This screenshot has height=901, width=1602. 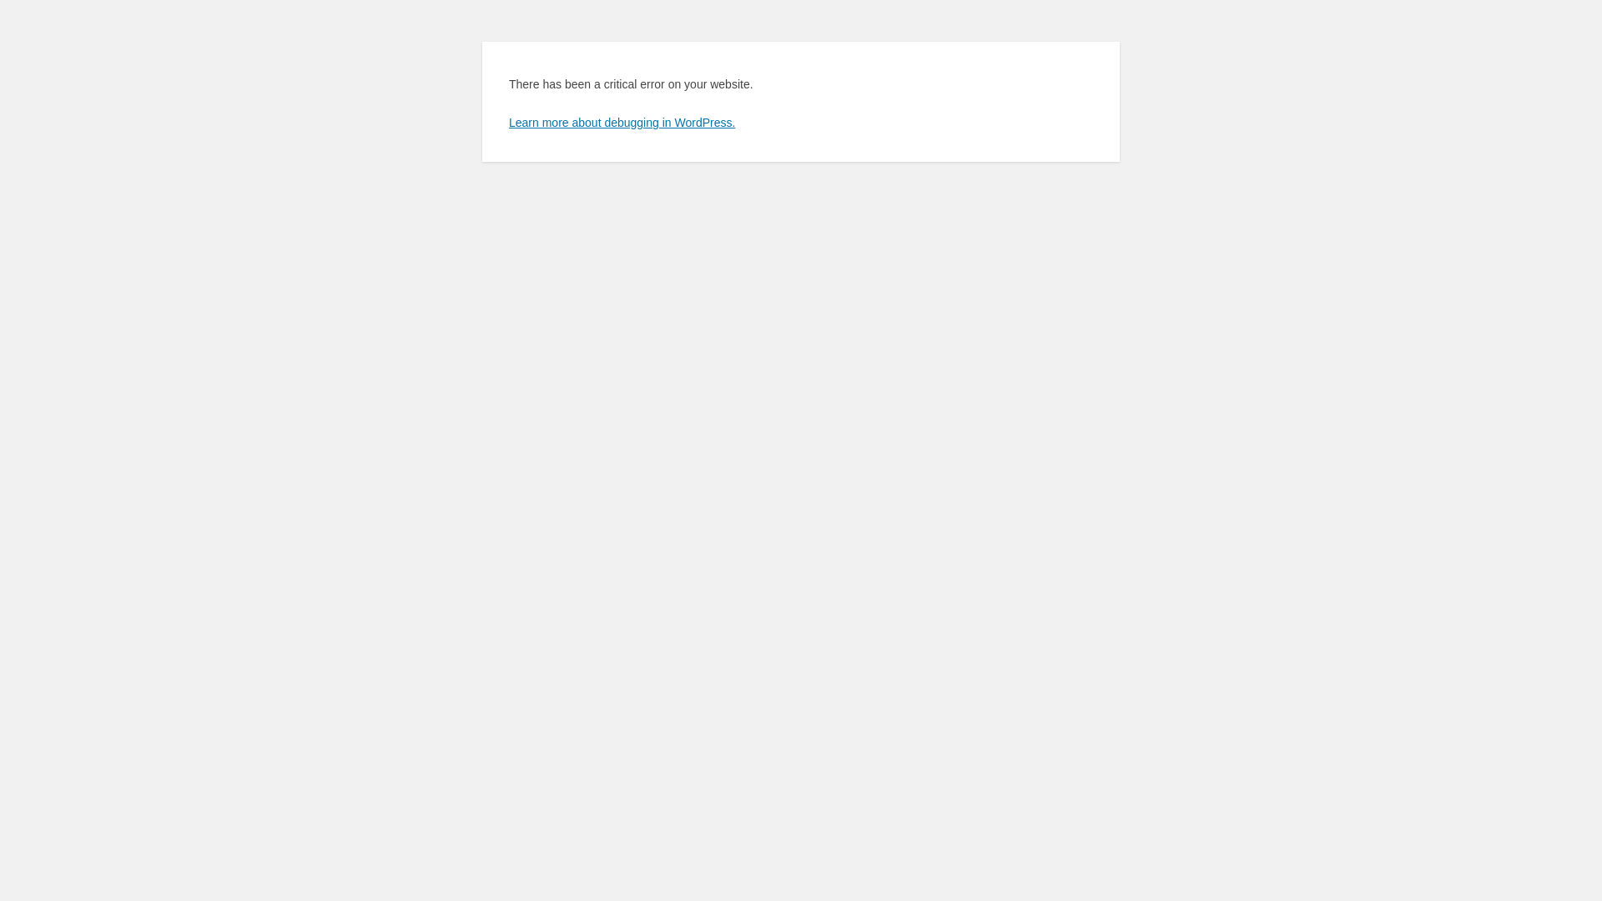 What do you see at coordinates (621, 121) in the screenshot?
I see `'Learn more about debugging in WordPress.'` at bounding box center [621, 121].